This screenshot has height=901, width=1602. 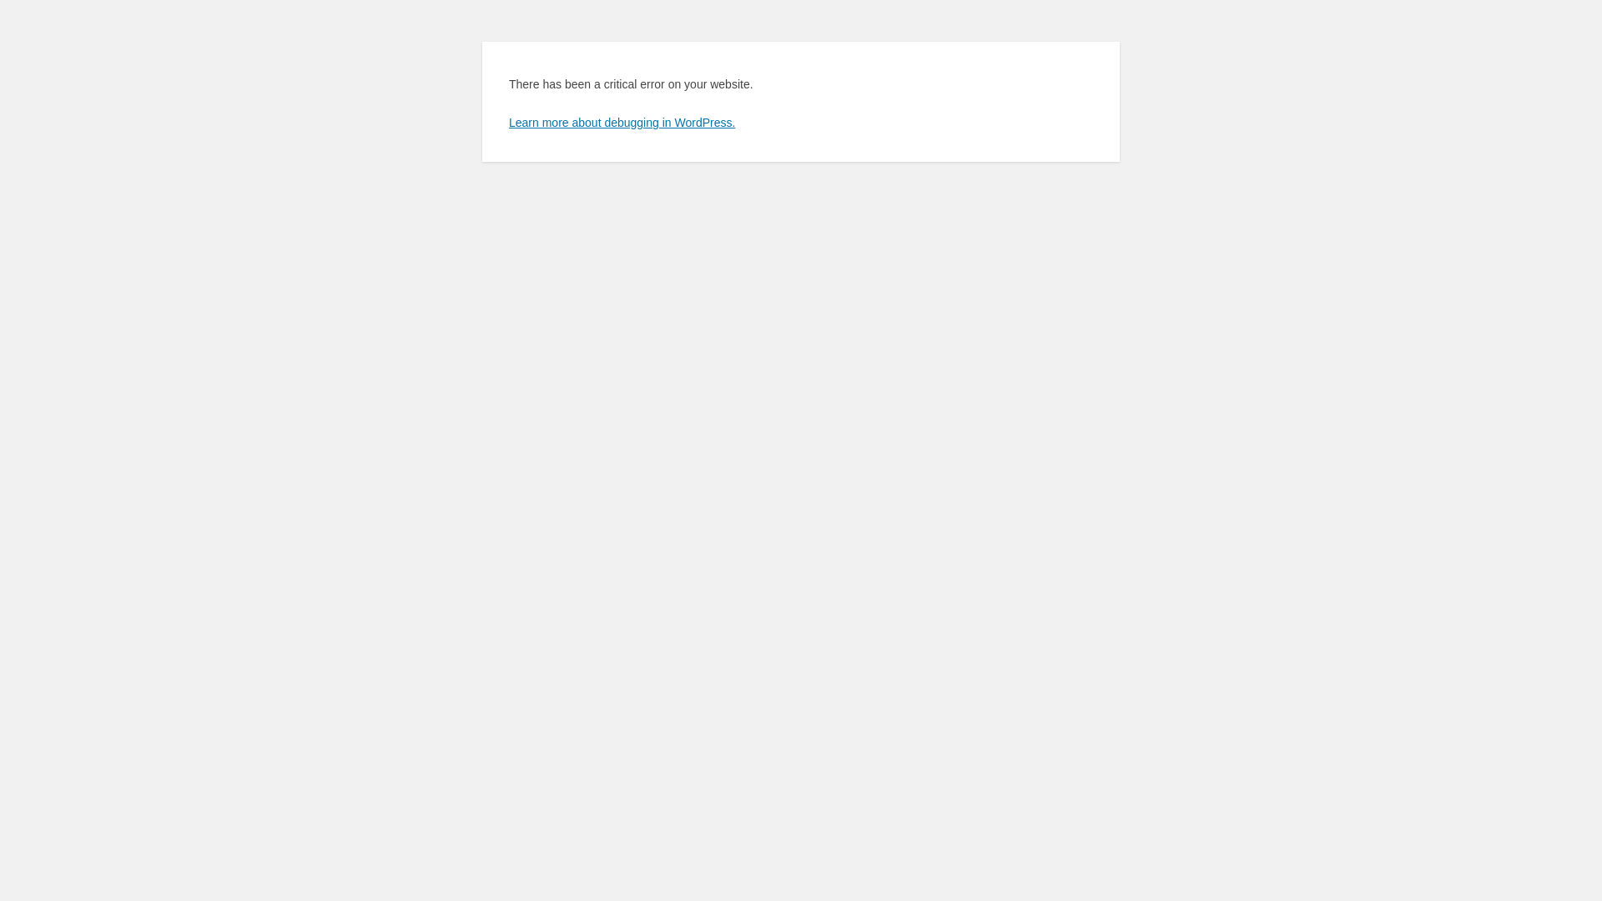 What do you see at coordinates (621, 121) in the screenshot?
I see `'Learn more about debugging in WordPress.'` at bounding box center [621, 121].